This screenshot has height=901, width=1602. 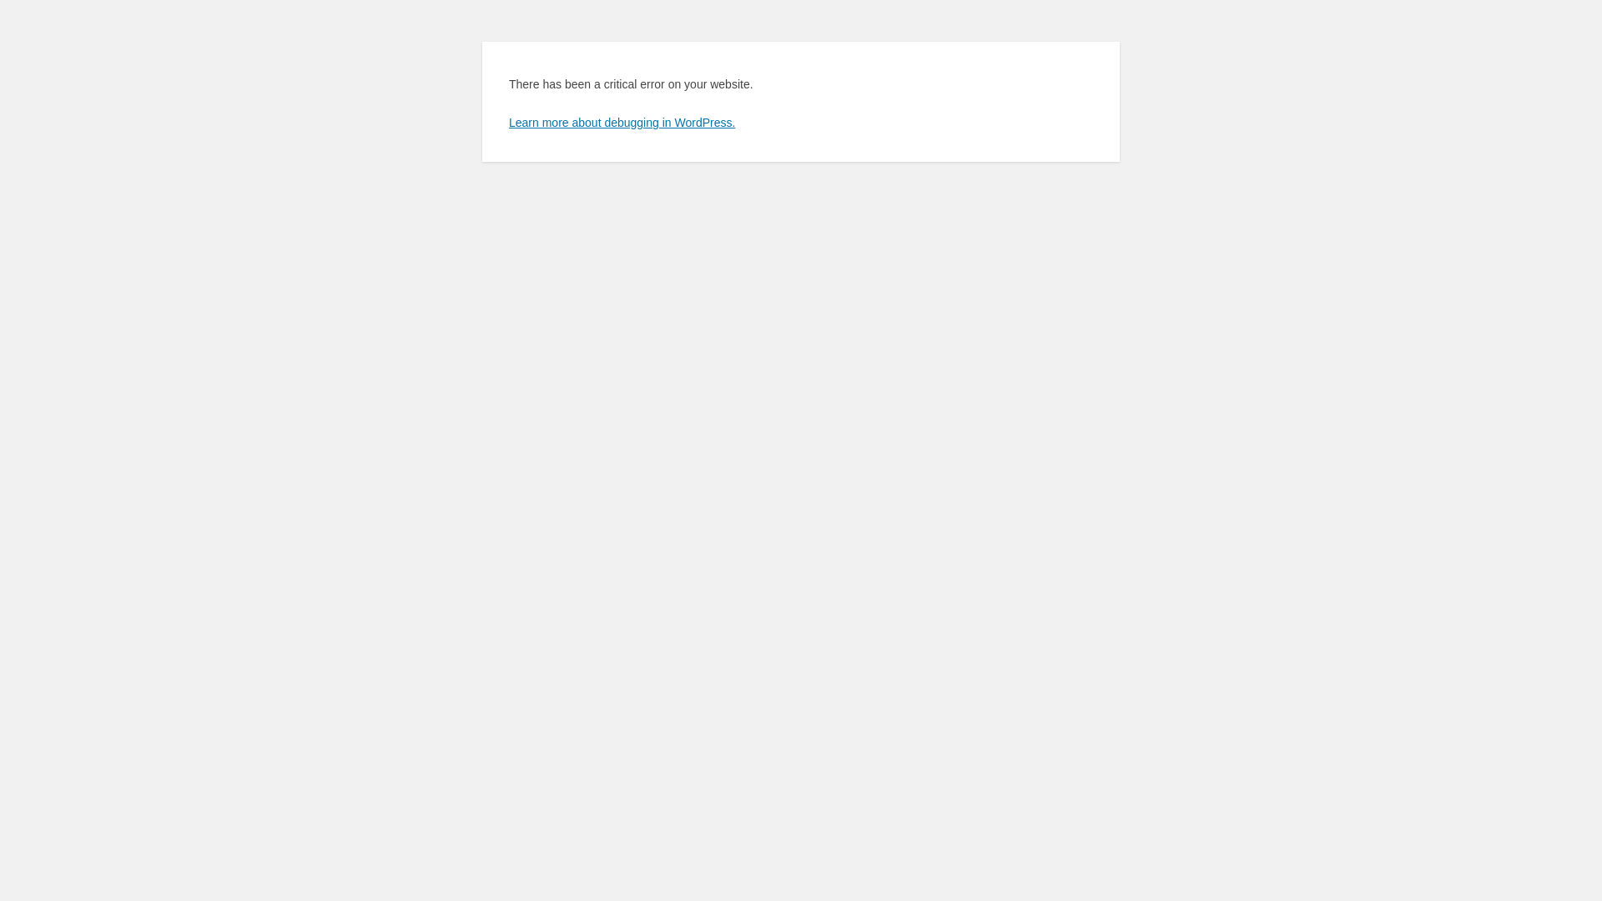 What do you see at coordinates (621, 121) in the screenshot?
I see `'Learn more about debugging in WordPress.'` at bounding box center [621, 121].